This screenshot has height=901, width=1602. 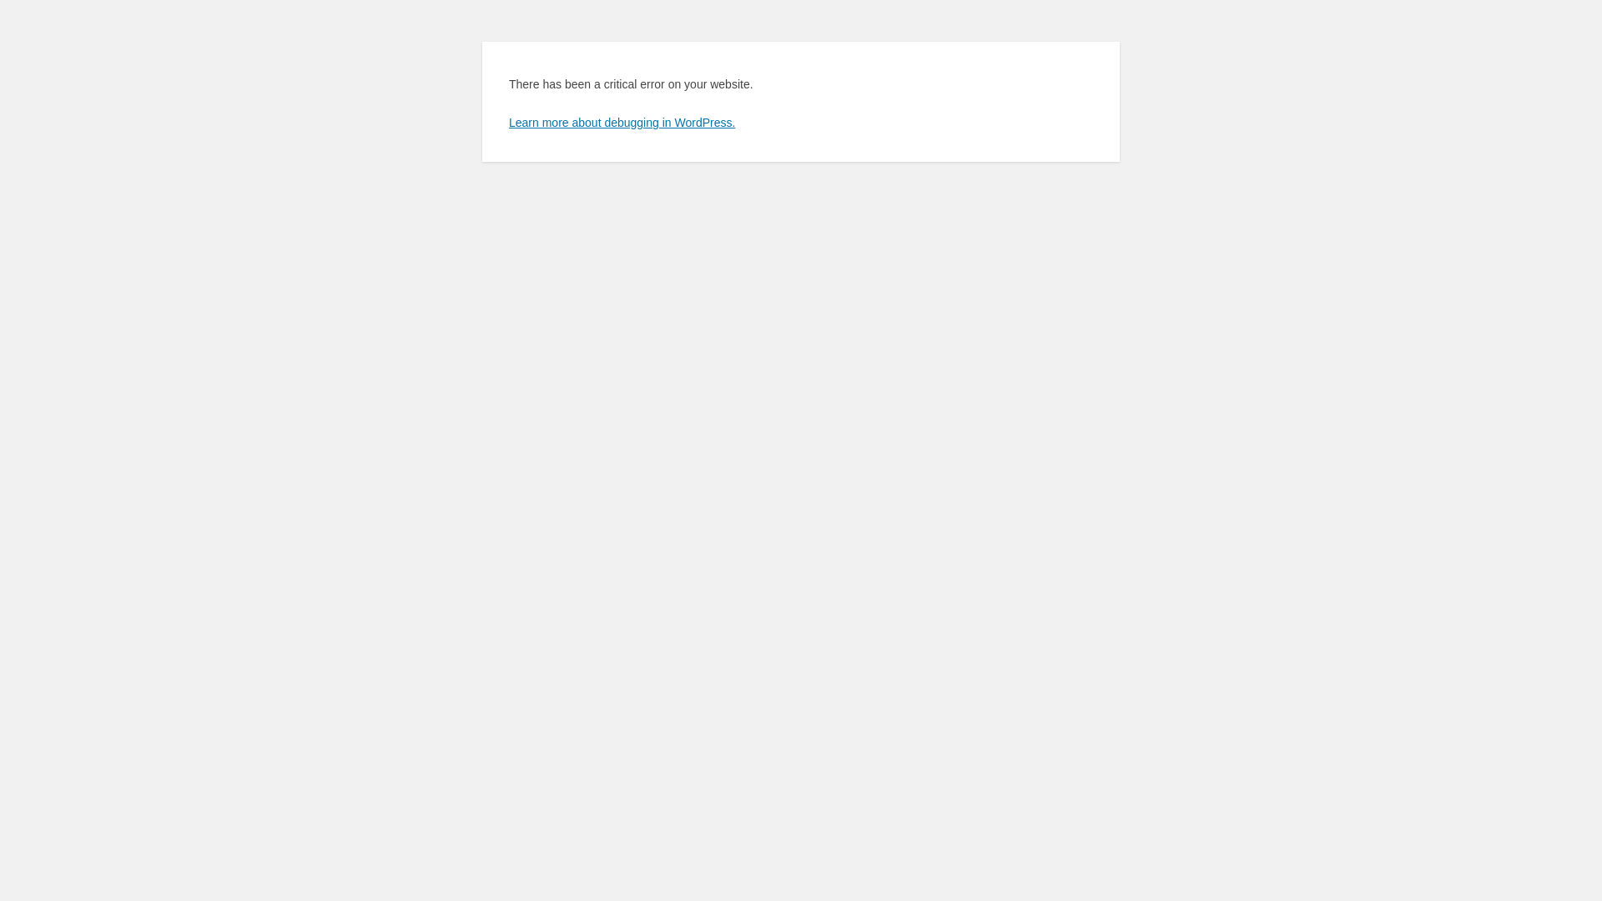 What do you see at coordinates (621, 121) in the screenshot?
I see `'Learn more about debugging in WordPress.'` at bounding box center [621, 121].